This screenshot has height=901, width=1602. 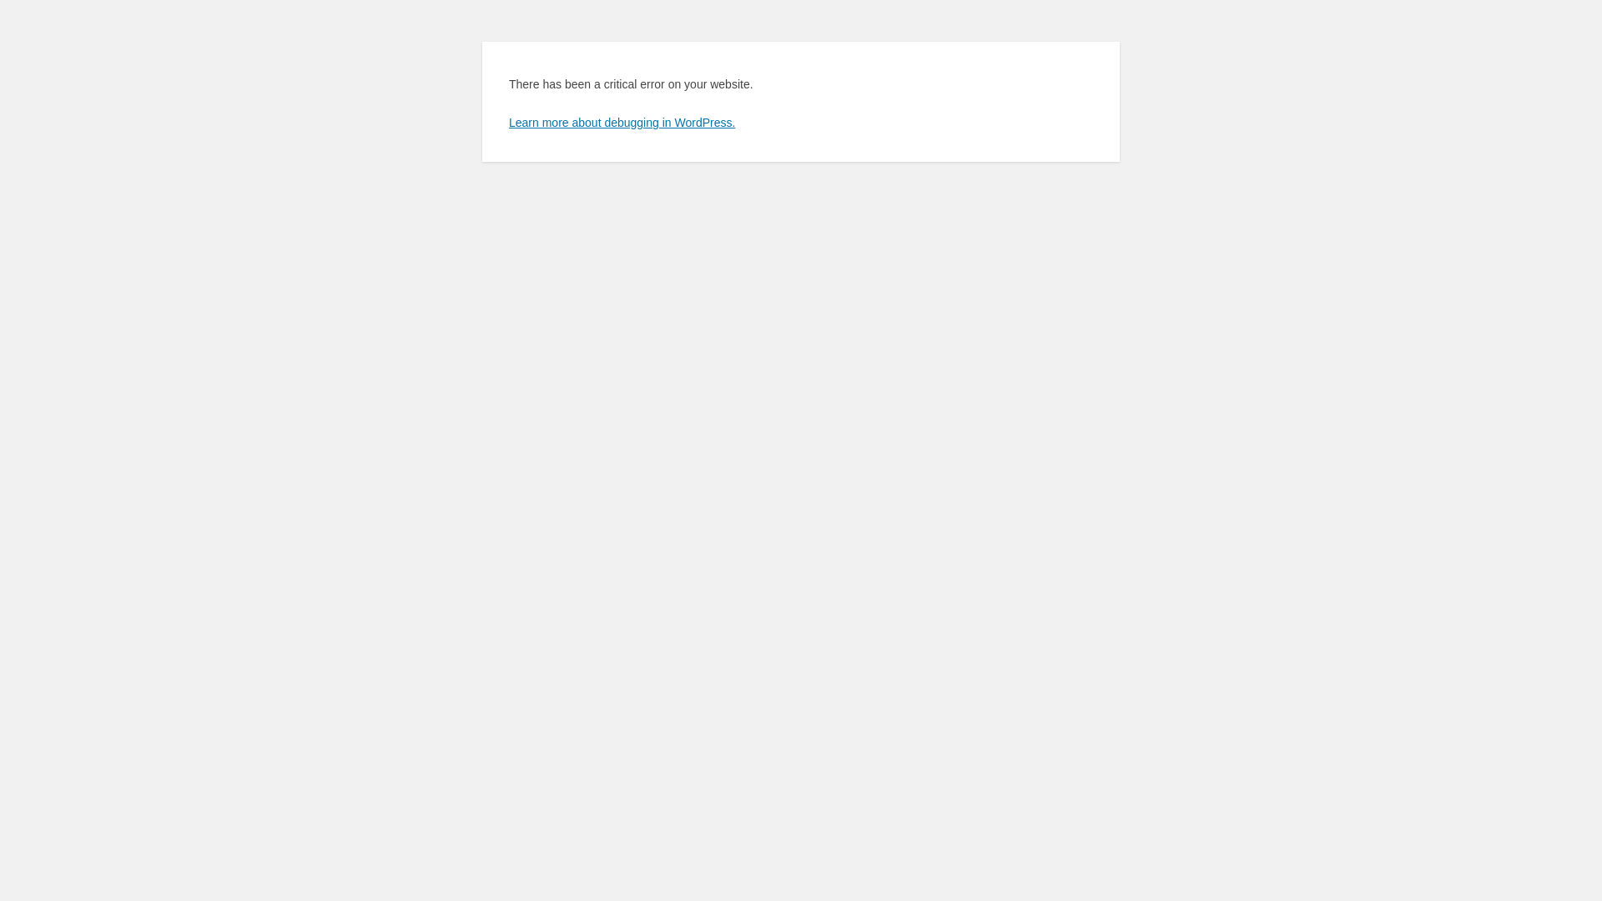 What do you see at coordinates (621, 121) in the screenshot?
I see `'Learn more about debugging in WordPress.'` at bounding box center [621, 121].